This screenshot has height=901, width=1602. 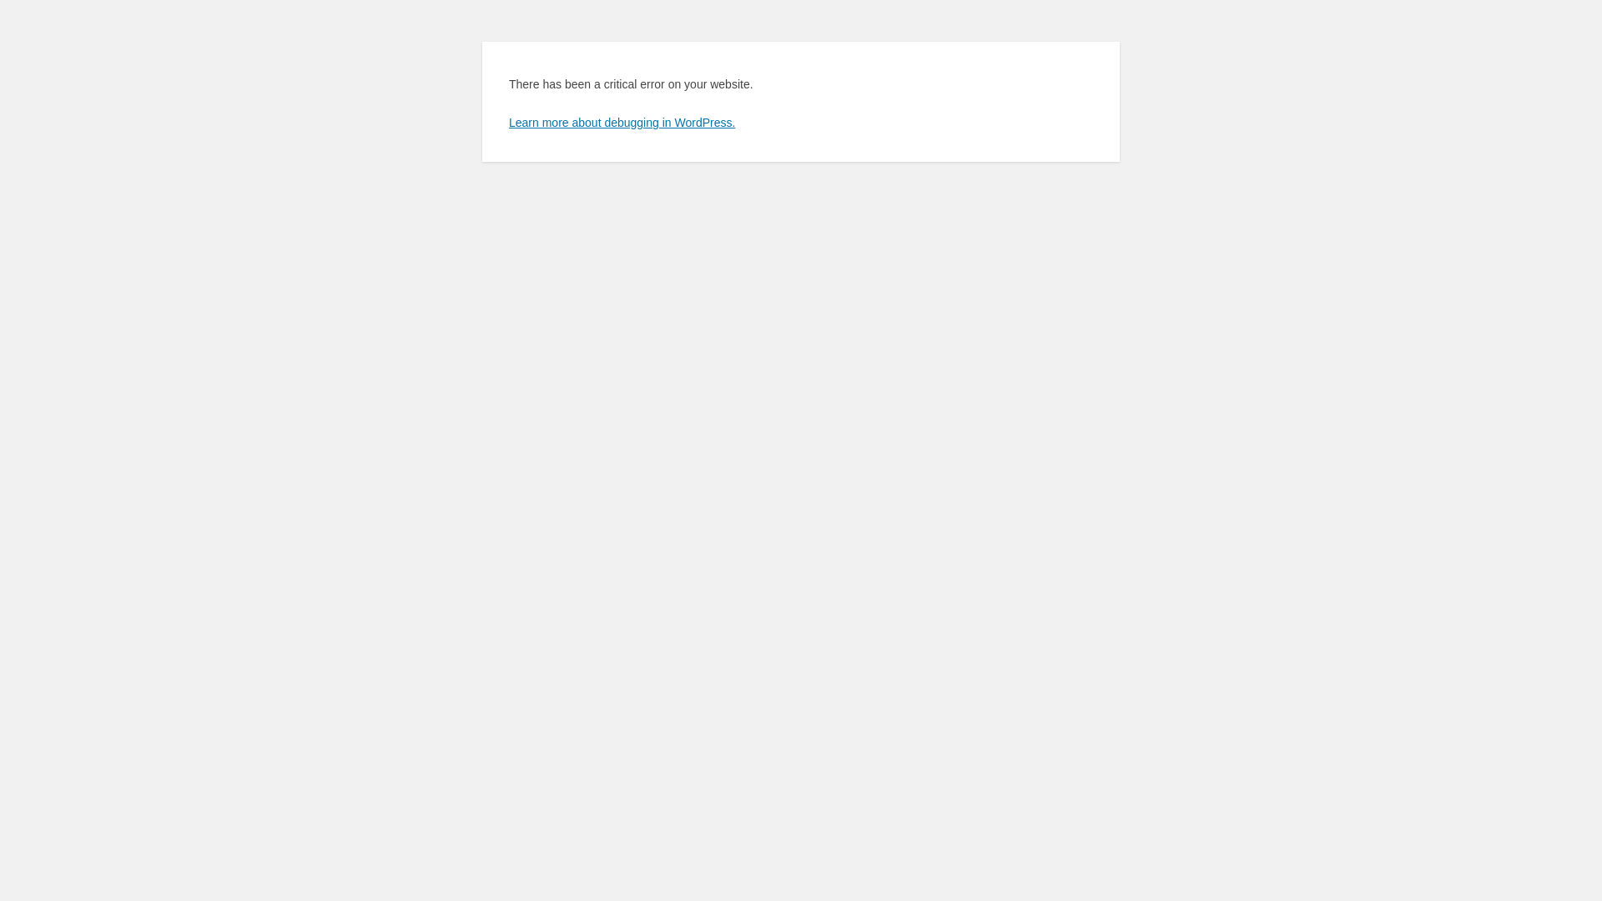 What do you see at coordinates (621, 121) in the screenshot?
I see `'Learn more about debugging in WordPress.'` at bounding box center [621, 121].